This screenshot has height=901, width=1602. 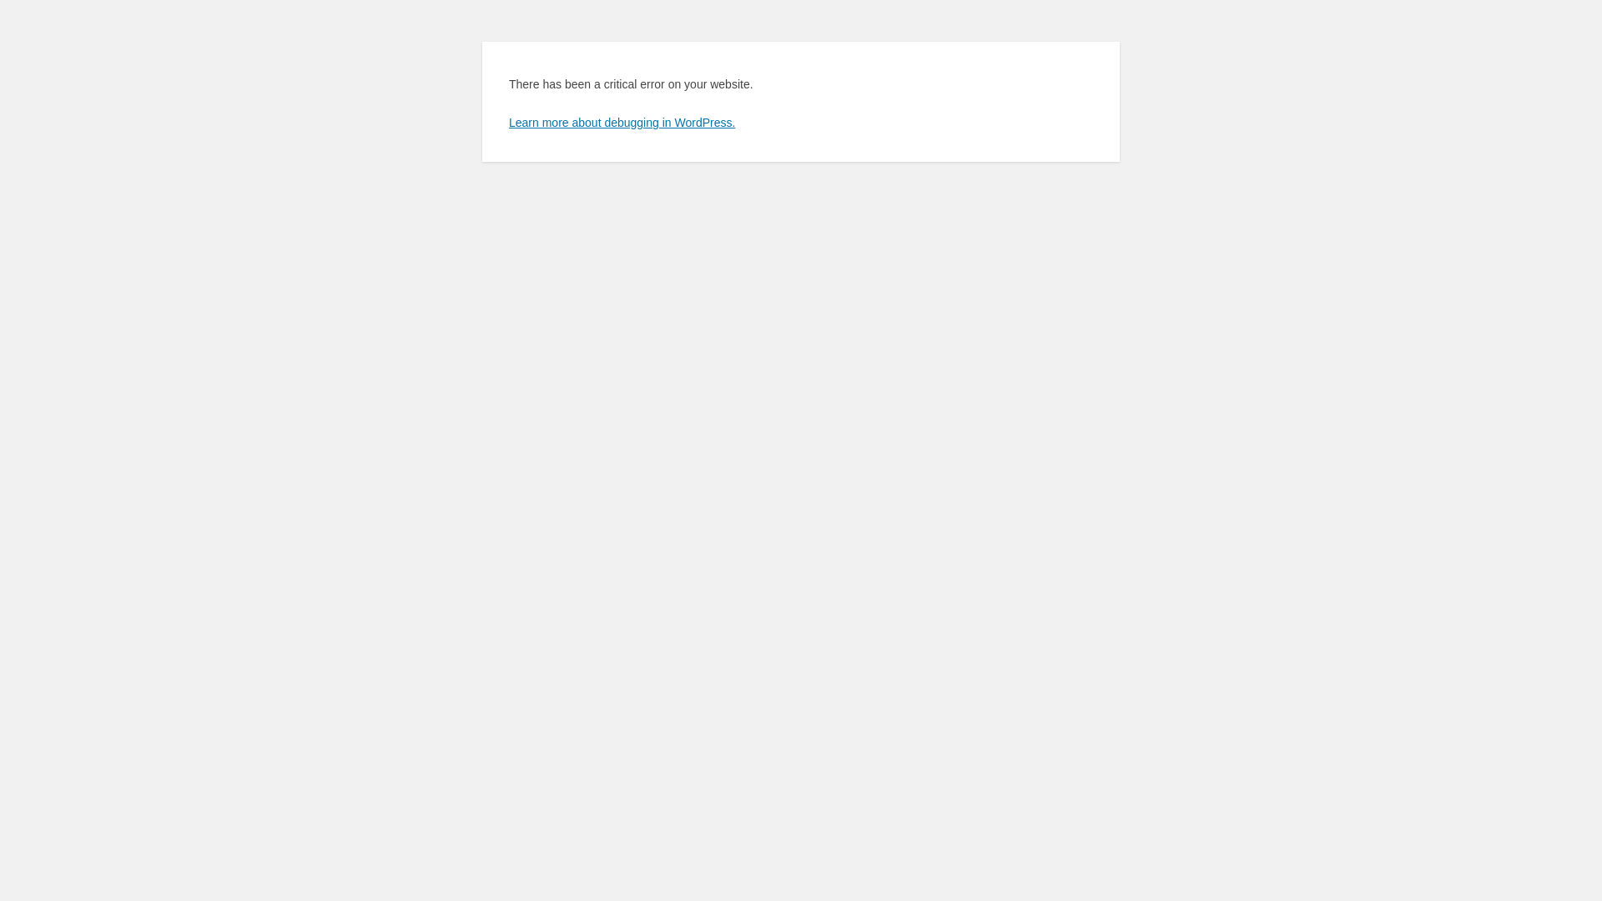 What do you see at coordinates (621, 121) in the screenshot?
I see `'Learn more about debugging in WordPress.'` at bounding box center [621, 121].